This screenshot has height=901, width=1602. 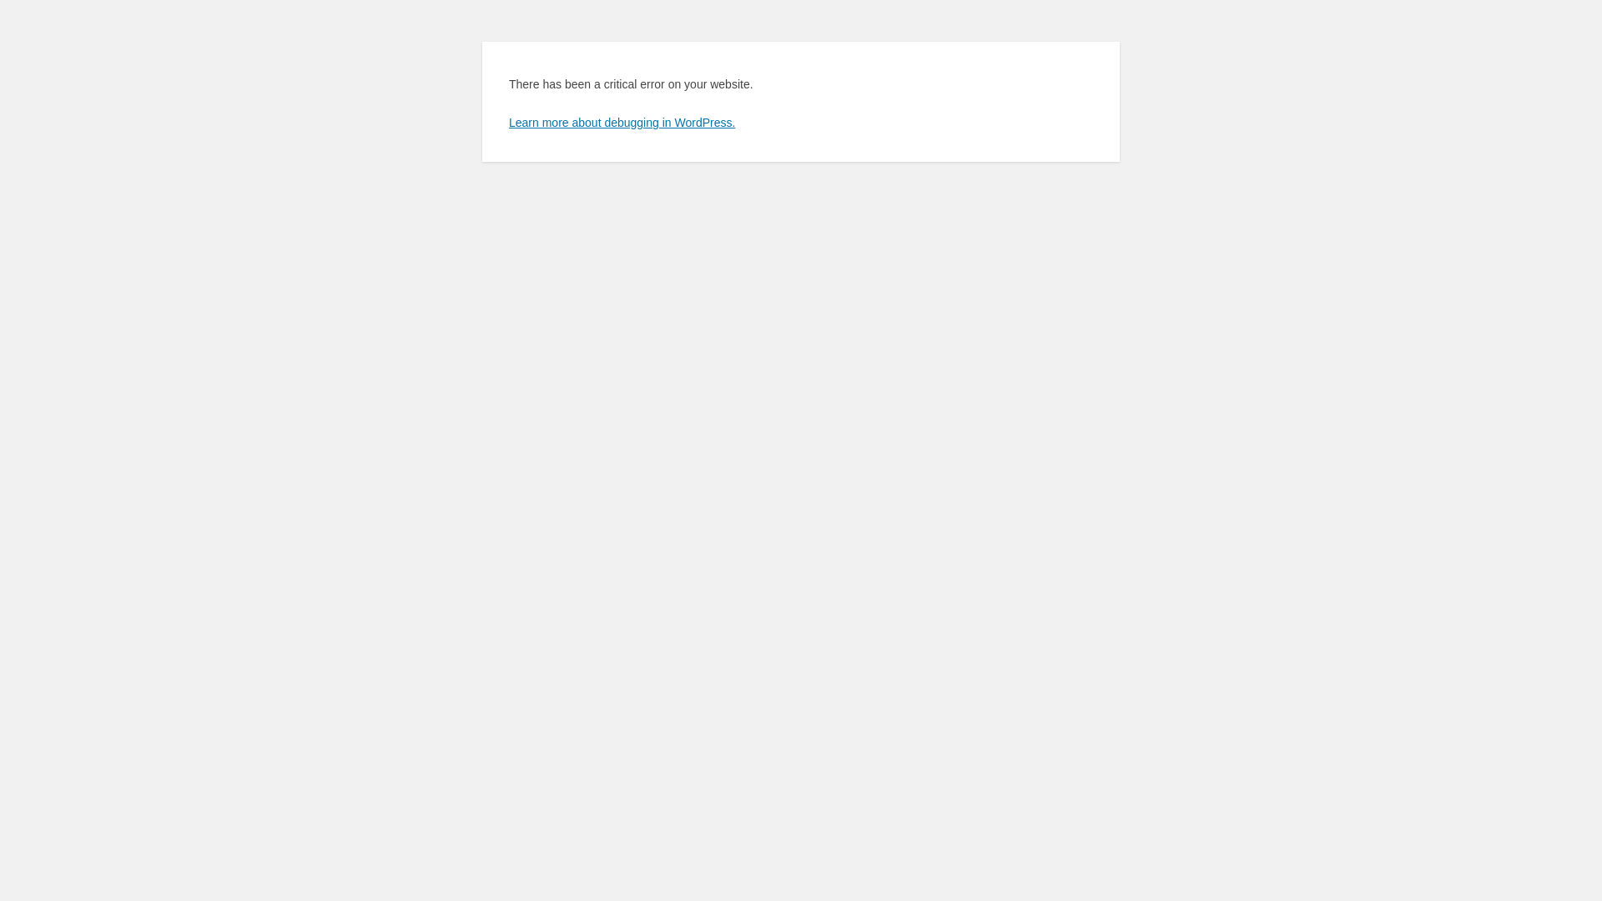 What do you see at coordinates (621, 121) in the screenshot?
I see `'Learn more about debugging in WordPress.'` at bounding box center [621, 121].